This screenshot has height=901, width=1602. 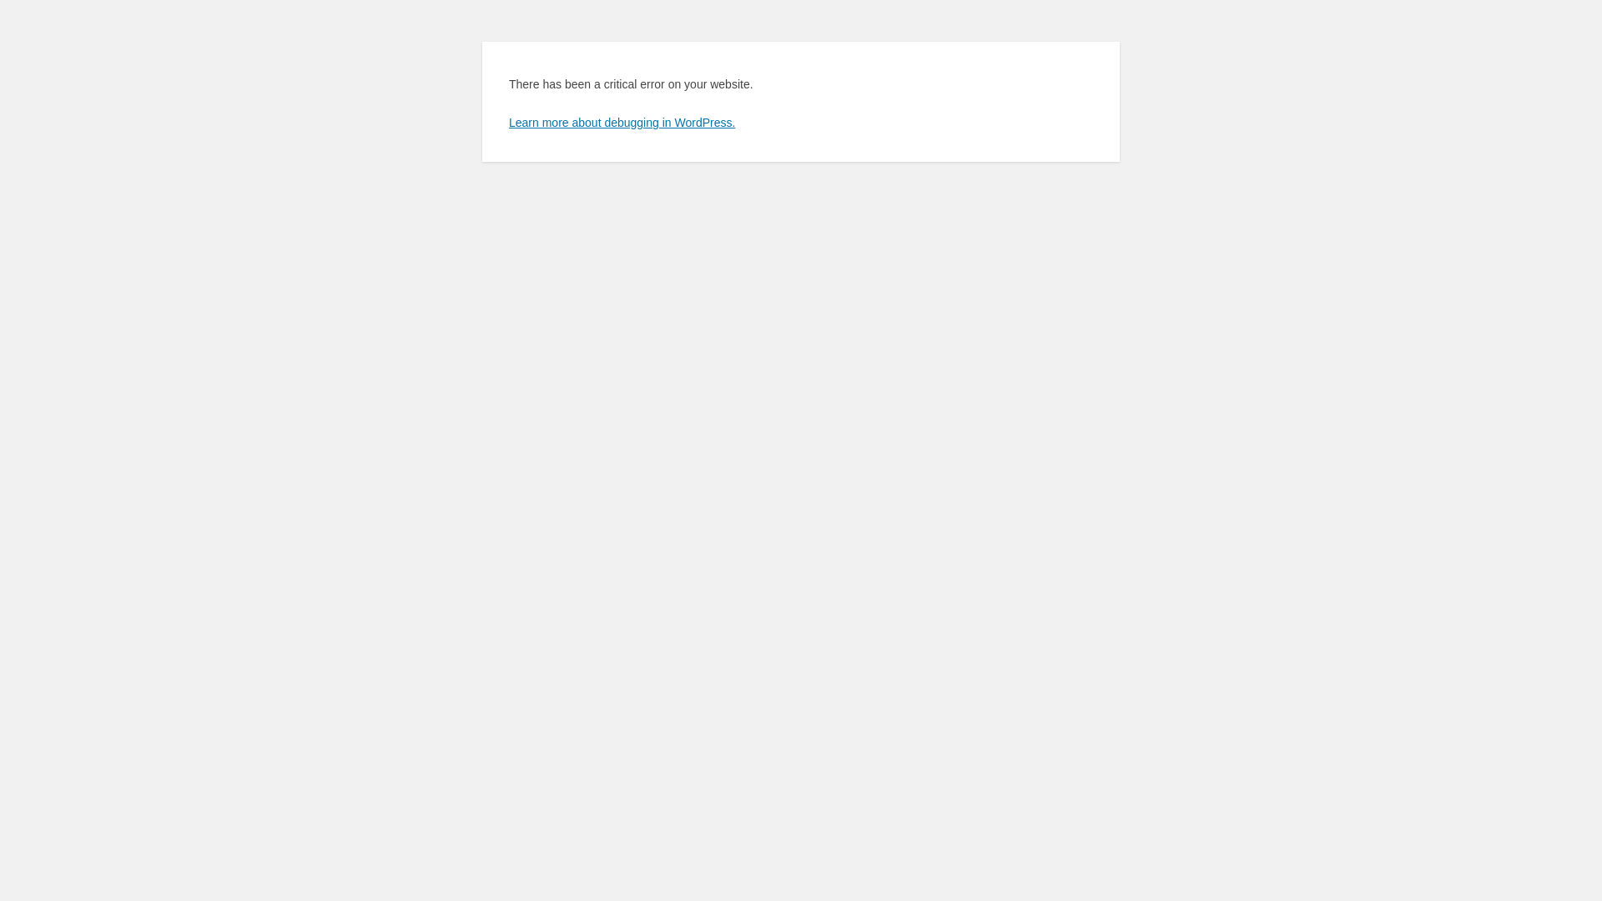 What do you see at coordinates (621, 121) in the screenshot?
I see `'Learn more about debugging in WordPress.'` at bounding box center [621, 121].